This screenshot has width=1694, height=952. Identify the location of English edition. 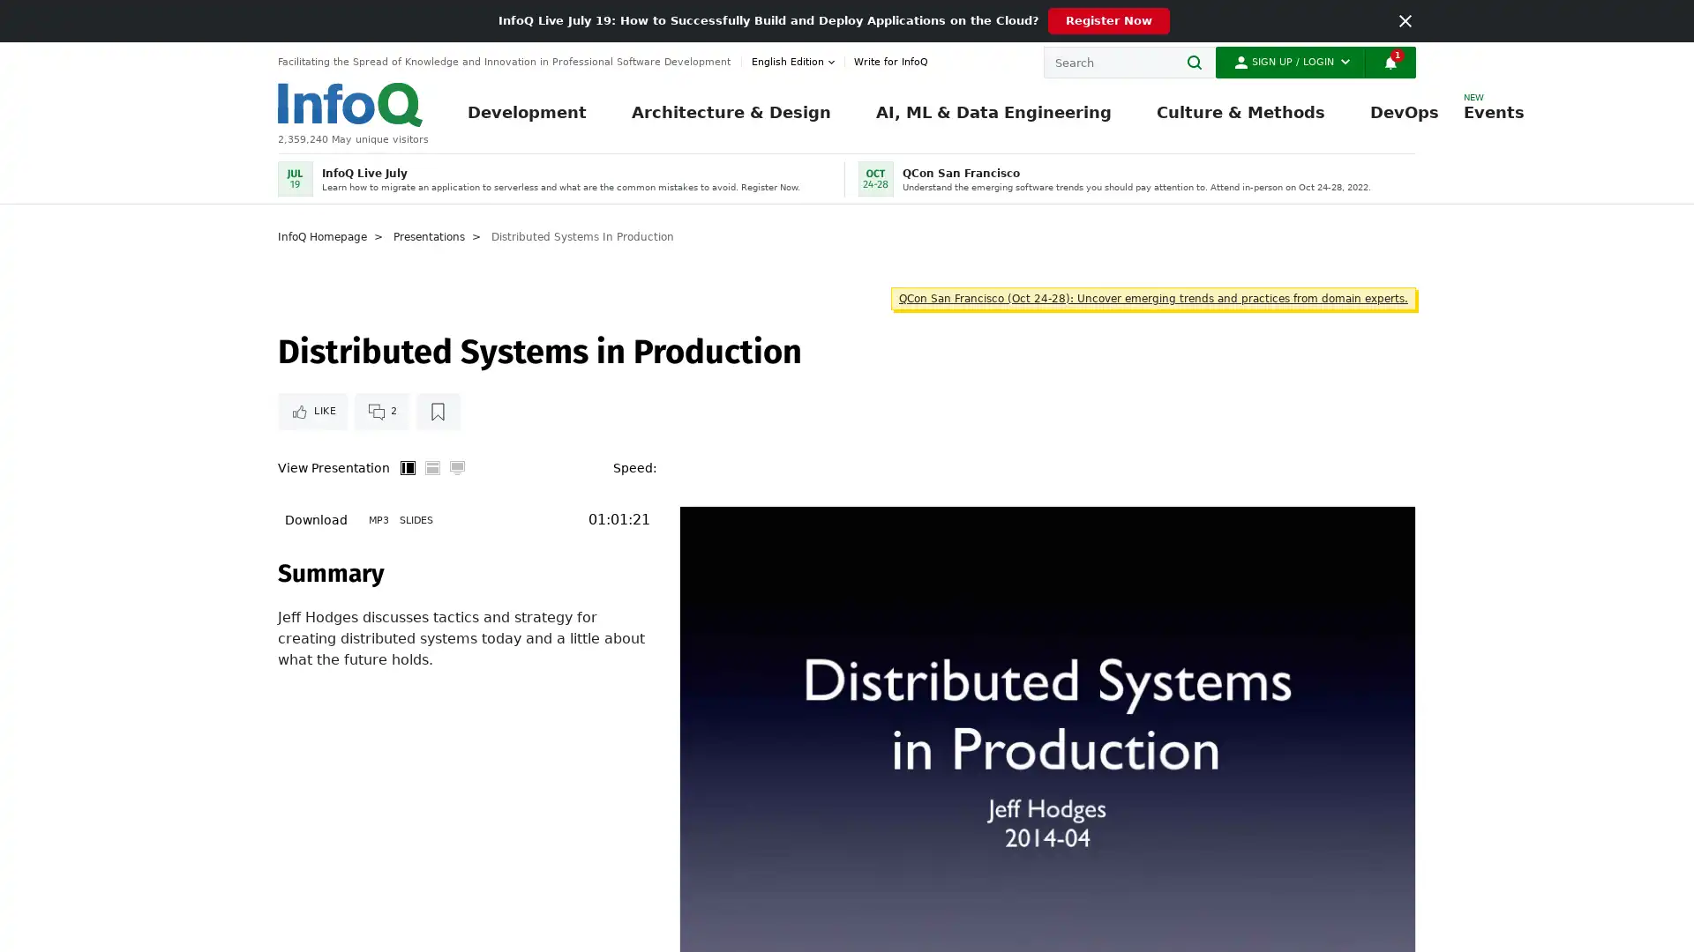
(795, 61).